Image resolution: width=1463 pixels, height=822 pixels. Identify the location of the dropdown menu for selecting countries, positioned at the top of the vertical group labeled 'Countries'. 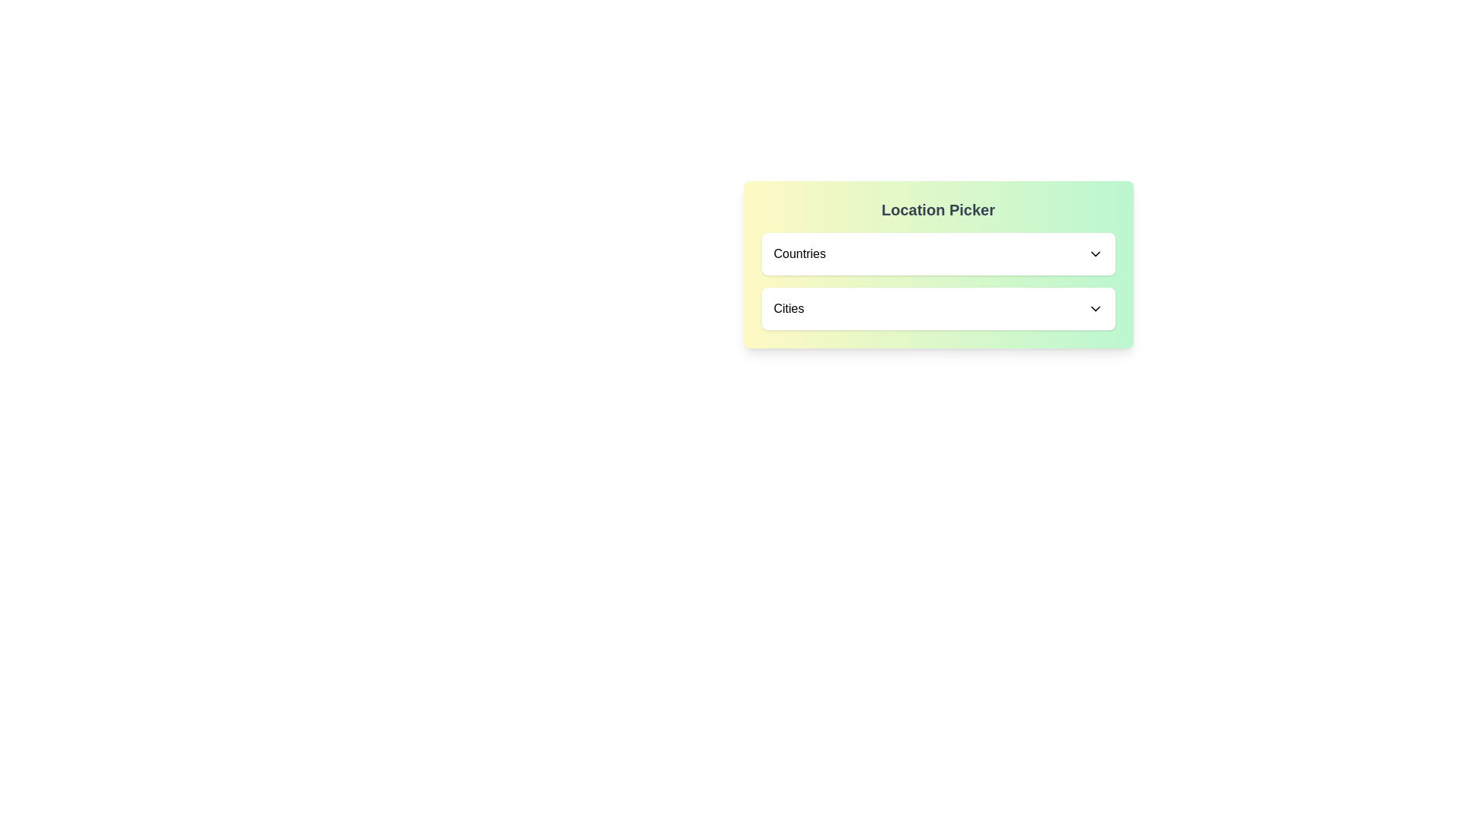
(937, 253).